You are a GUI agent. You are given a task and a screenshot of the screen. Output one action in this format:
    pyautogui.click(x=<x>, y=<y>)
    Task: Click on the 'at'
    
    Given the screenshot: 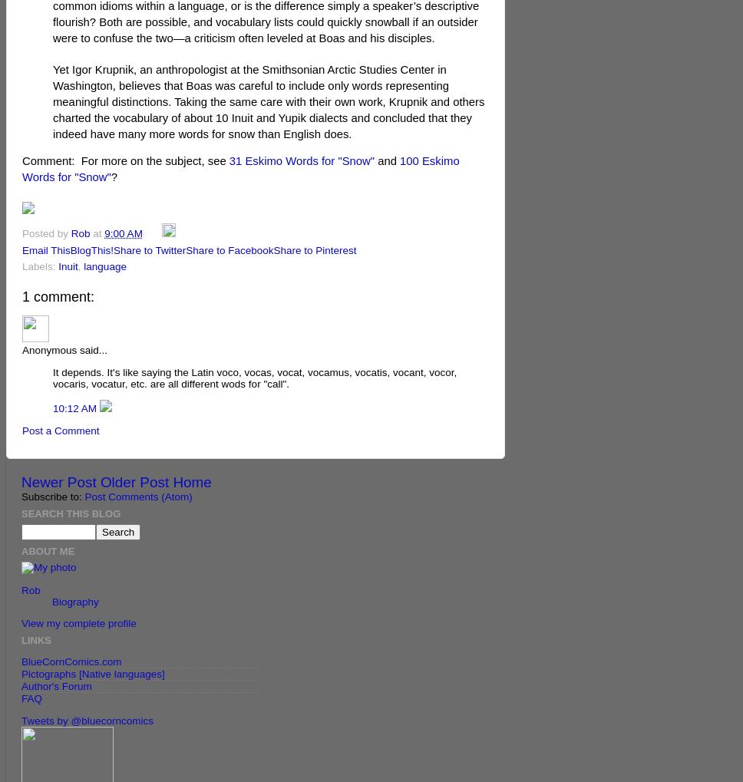 What is the action you would take?
    pyautogui.click(x=97, y=233)
    